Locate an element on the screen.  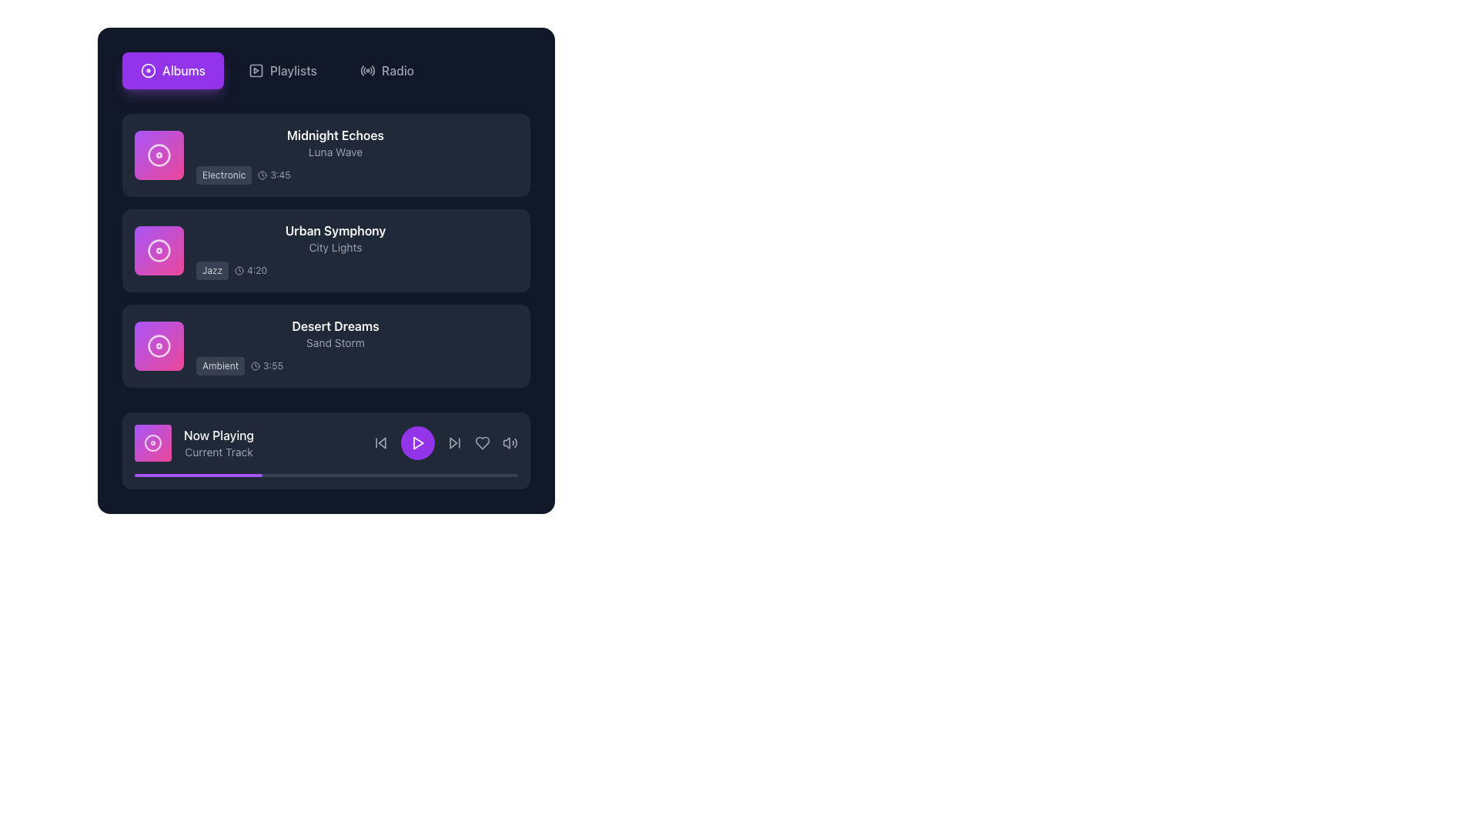
the play button located in the control bar of the music player, positioned between the skip backward icon and the favorite icon is located at coordinates (453, 442).